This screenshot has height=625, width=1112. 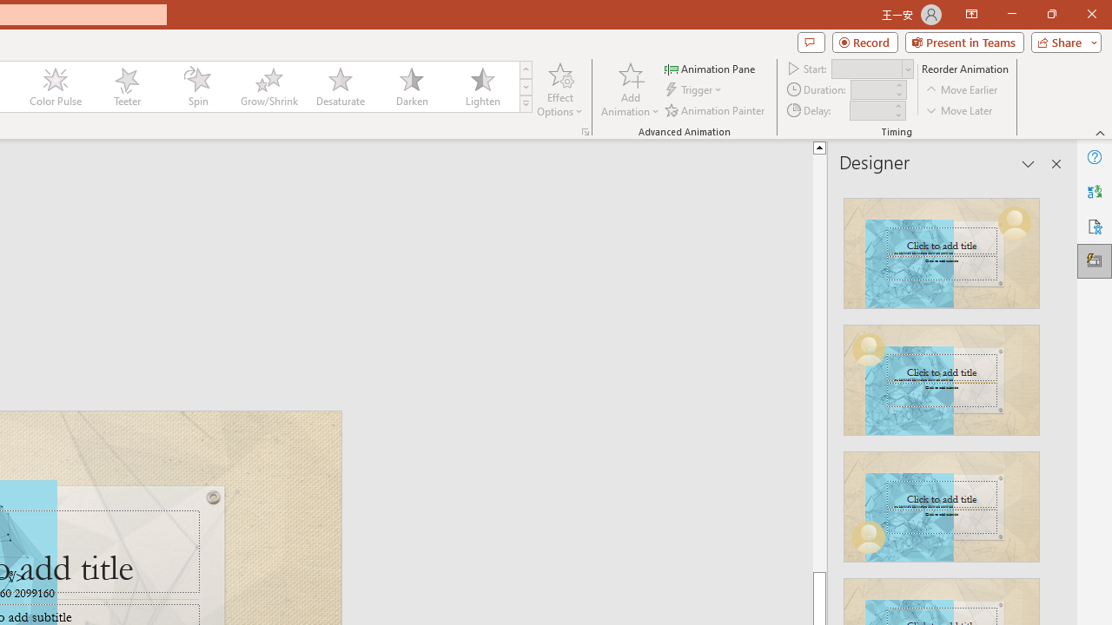 I want to click on 'Lighten', so click(x=482, y=87).